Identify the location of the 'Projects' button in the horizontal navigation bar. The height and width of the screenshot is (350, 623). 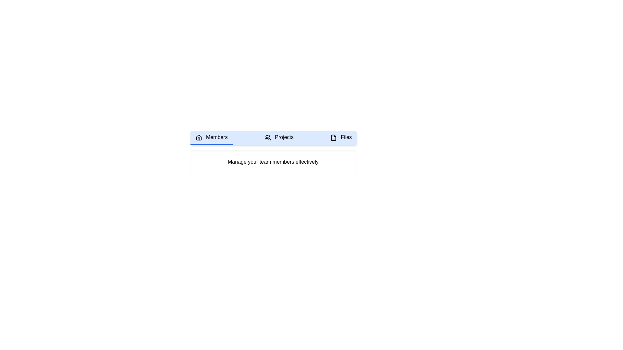
(279, 137).